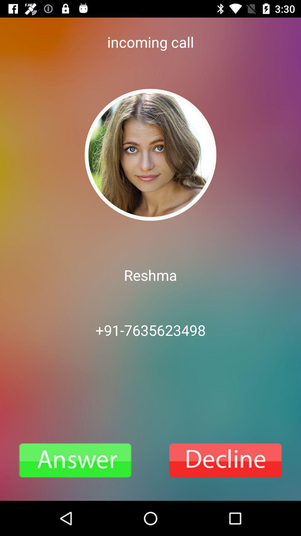  Describe the element at coordinates (226, 460) in the screenshot. I see `decline` at that location.